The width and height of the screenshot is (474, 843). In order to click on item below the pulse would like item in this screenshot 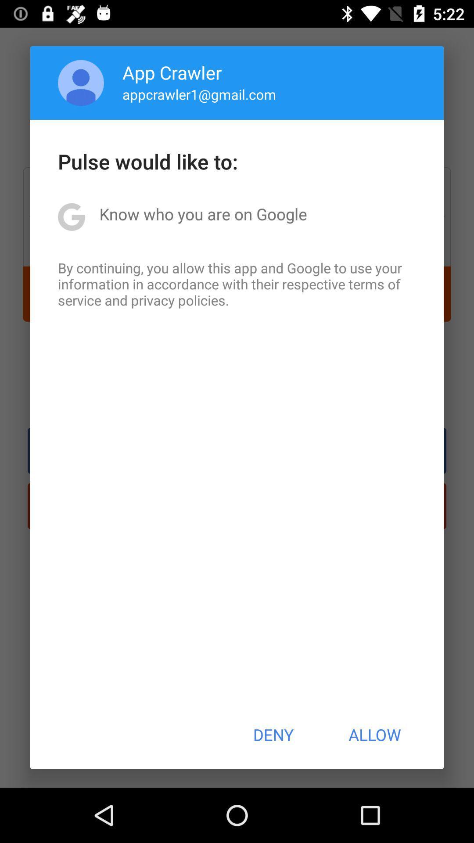, I will do `click(203, 214)`.